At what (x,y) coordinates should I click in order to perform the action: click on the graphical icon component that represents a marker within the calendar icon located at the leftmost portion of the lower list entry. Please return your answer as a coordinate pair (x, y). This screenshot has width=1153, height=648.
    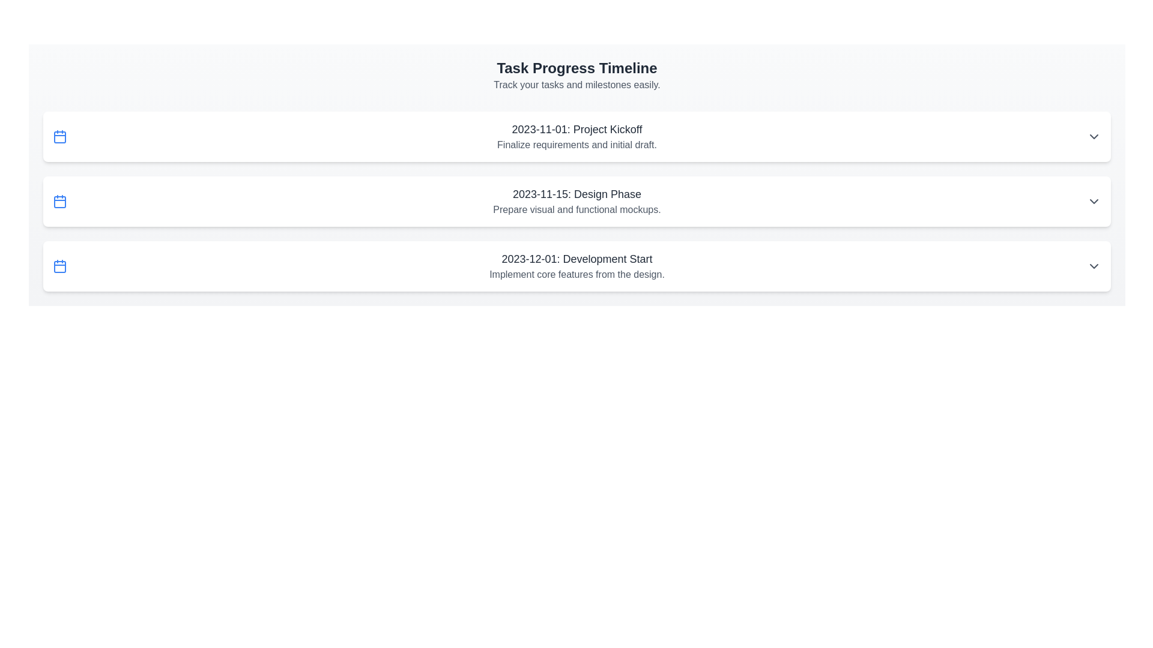
    Looking at the image, I should click on (59, 266).